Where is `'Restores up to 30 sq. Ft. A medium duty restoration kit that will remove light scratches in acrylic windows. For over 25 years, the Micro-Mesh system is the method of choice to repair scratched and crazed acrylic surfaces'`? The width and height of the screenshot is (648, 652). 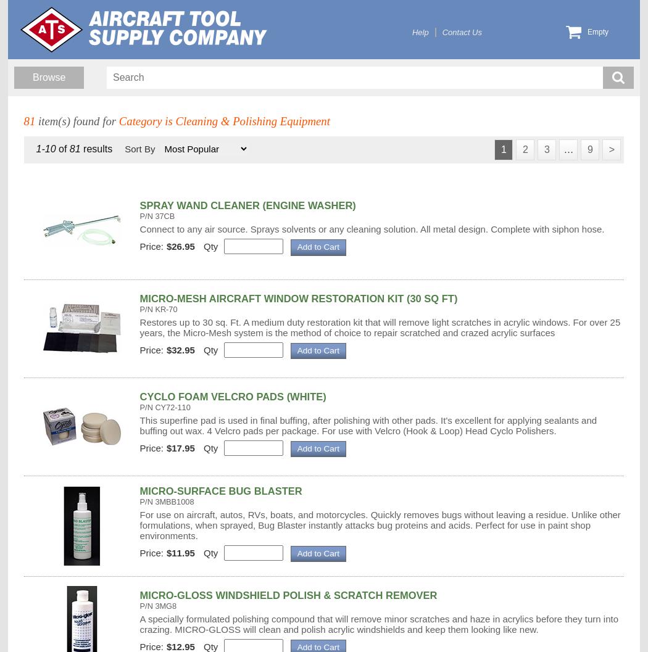 'Restores up to 30 sq. Ft. A medium duty restoration kit that will remove light scratches in acrylic windows. For over 25 years, the Micro-Mesh system is the method of choice to repair scratched and crazed acrylic surfaces' is located at coordinates (139, 326).